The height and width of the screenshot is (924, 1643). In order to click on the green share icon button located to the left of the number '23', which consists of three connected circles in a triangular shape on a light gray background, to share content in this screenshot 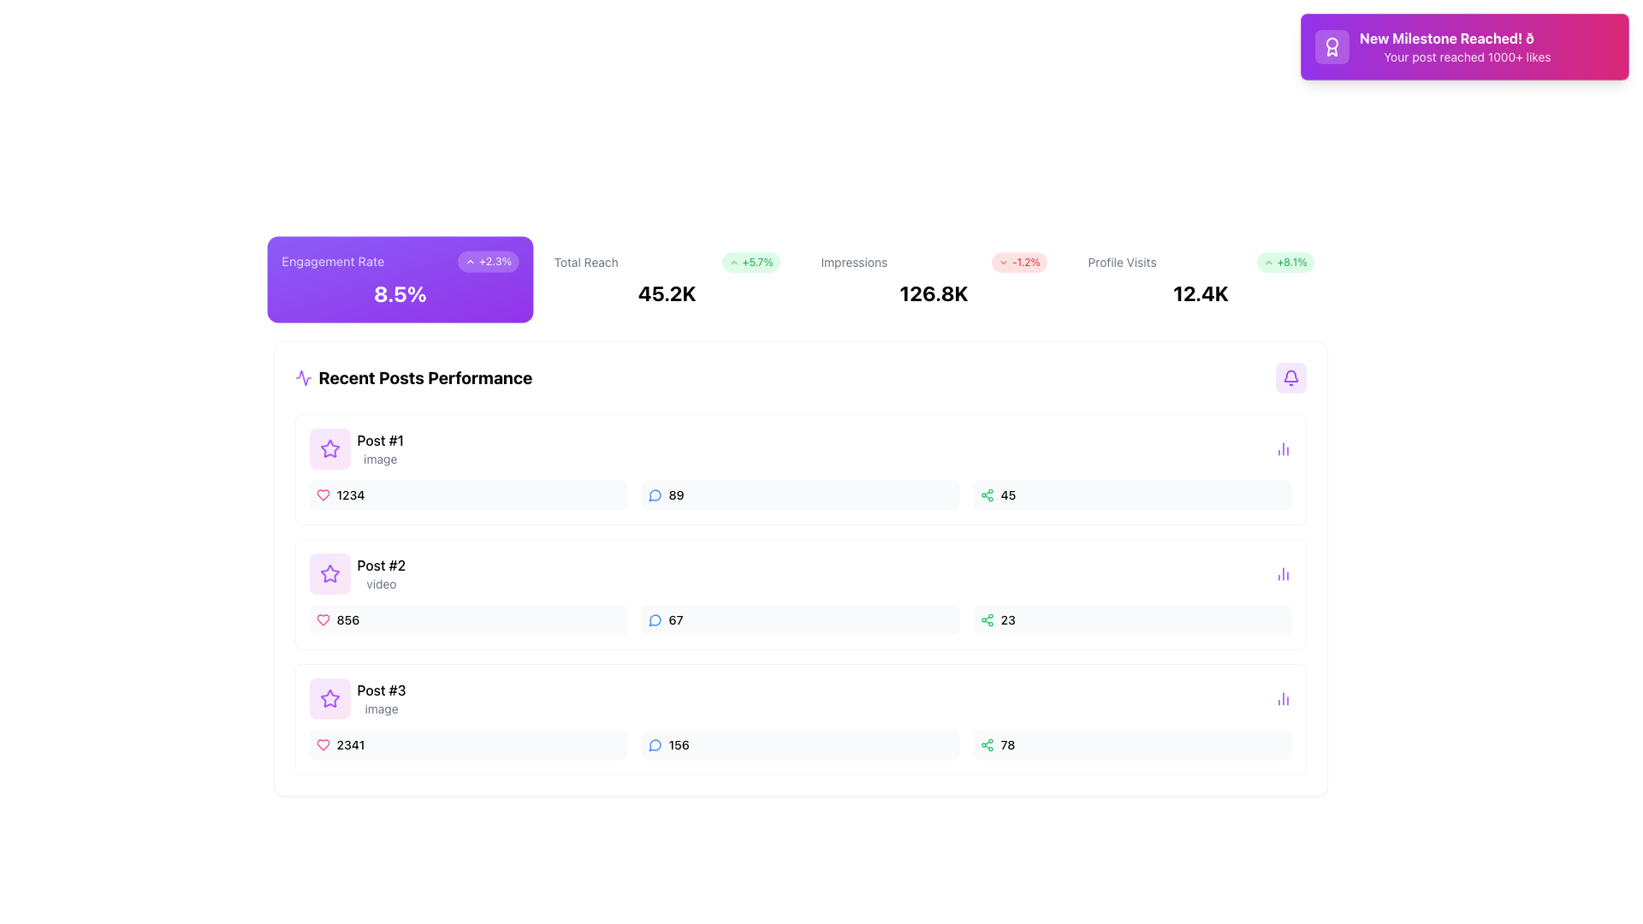, I will do `click(987, 620)`.